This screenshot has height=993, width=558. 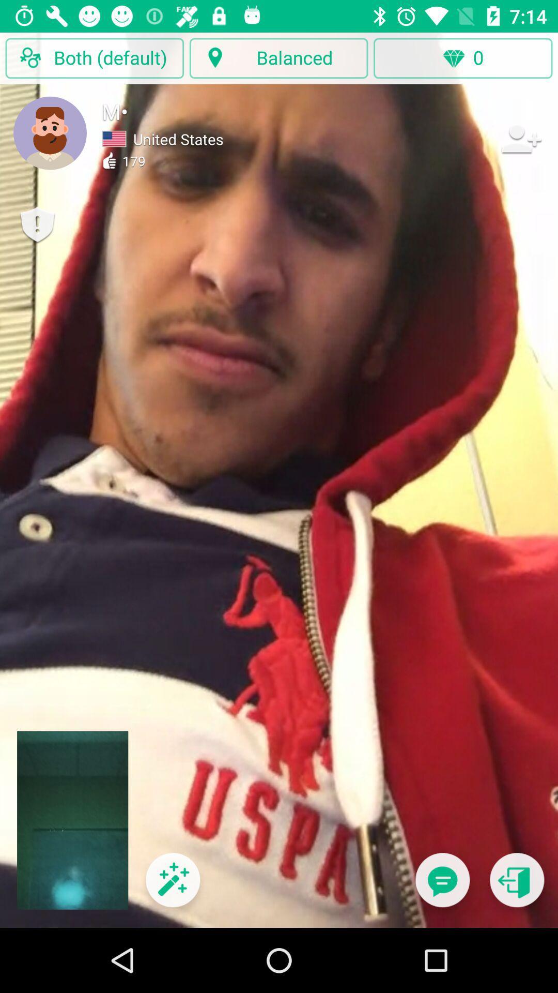 What do you see at coordinates (37, 224) in the screenshot?
I see `the warning icon` at bounding box center [37, 224].